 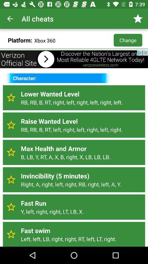 What do you see at coordinates (11, 98) in the screenshot?
I see `the star icon` at bounding box center [11, 98].